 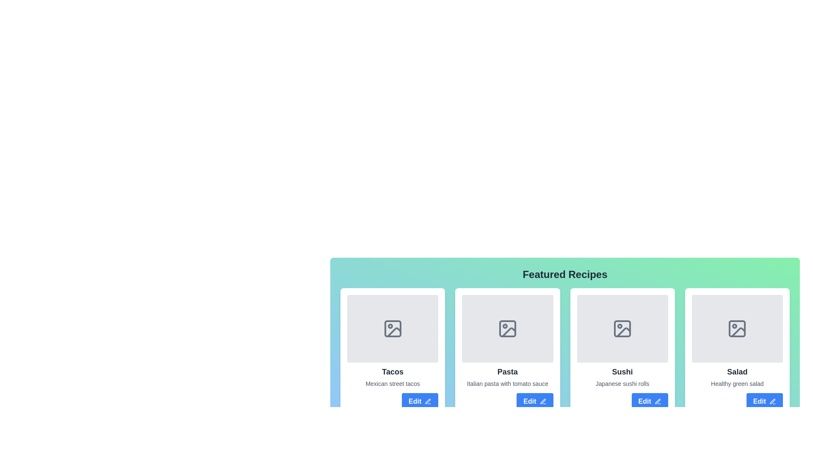 What do you see at coordinates (737, 352) in the screenshot?
I see `the placeholder image of the Salad recipe card, which is the fourth card in a horizontal grid layout of recipe cards` at bounding box center [737, 352].